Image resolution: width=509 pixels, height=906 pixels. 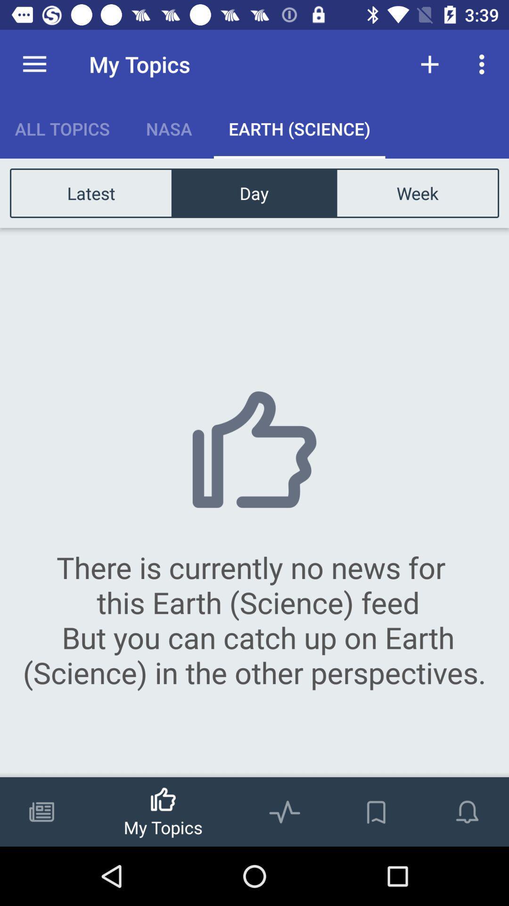 What do you see at coordinates (91, 193) in the screenshot?
I see `item next to the day` at bounding box center [91, 193].